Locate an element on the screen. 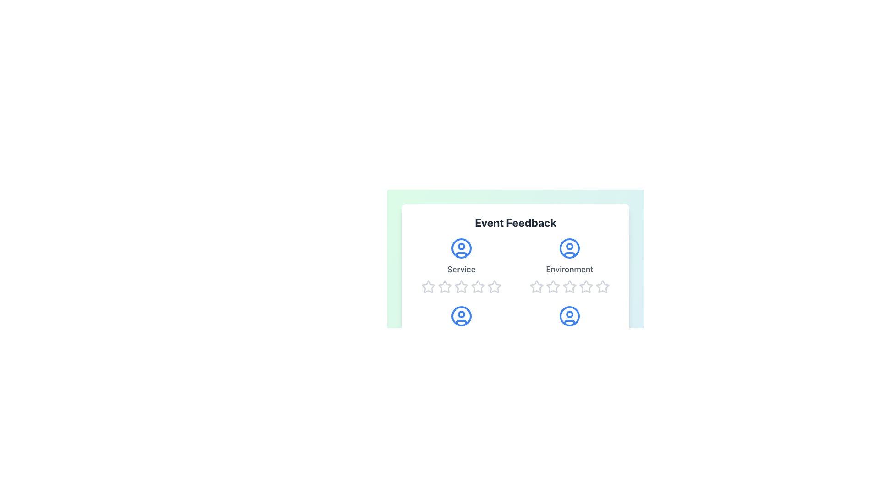  the first star-shaped rating icon, which is hollow and light gray, located below the 'Service' category label in the 'Event Feedback' form is located at coordinates (428, 286).